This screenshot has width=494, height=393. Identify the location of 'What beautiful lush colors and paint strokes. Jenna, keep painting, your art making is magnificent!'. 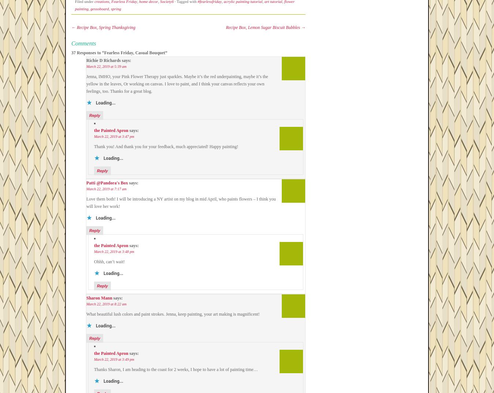
(172, 313).